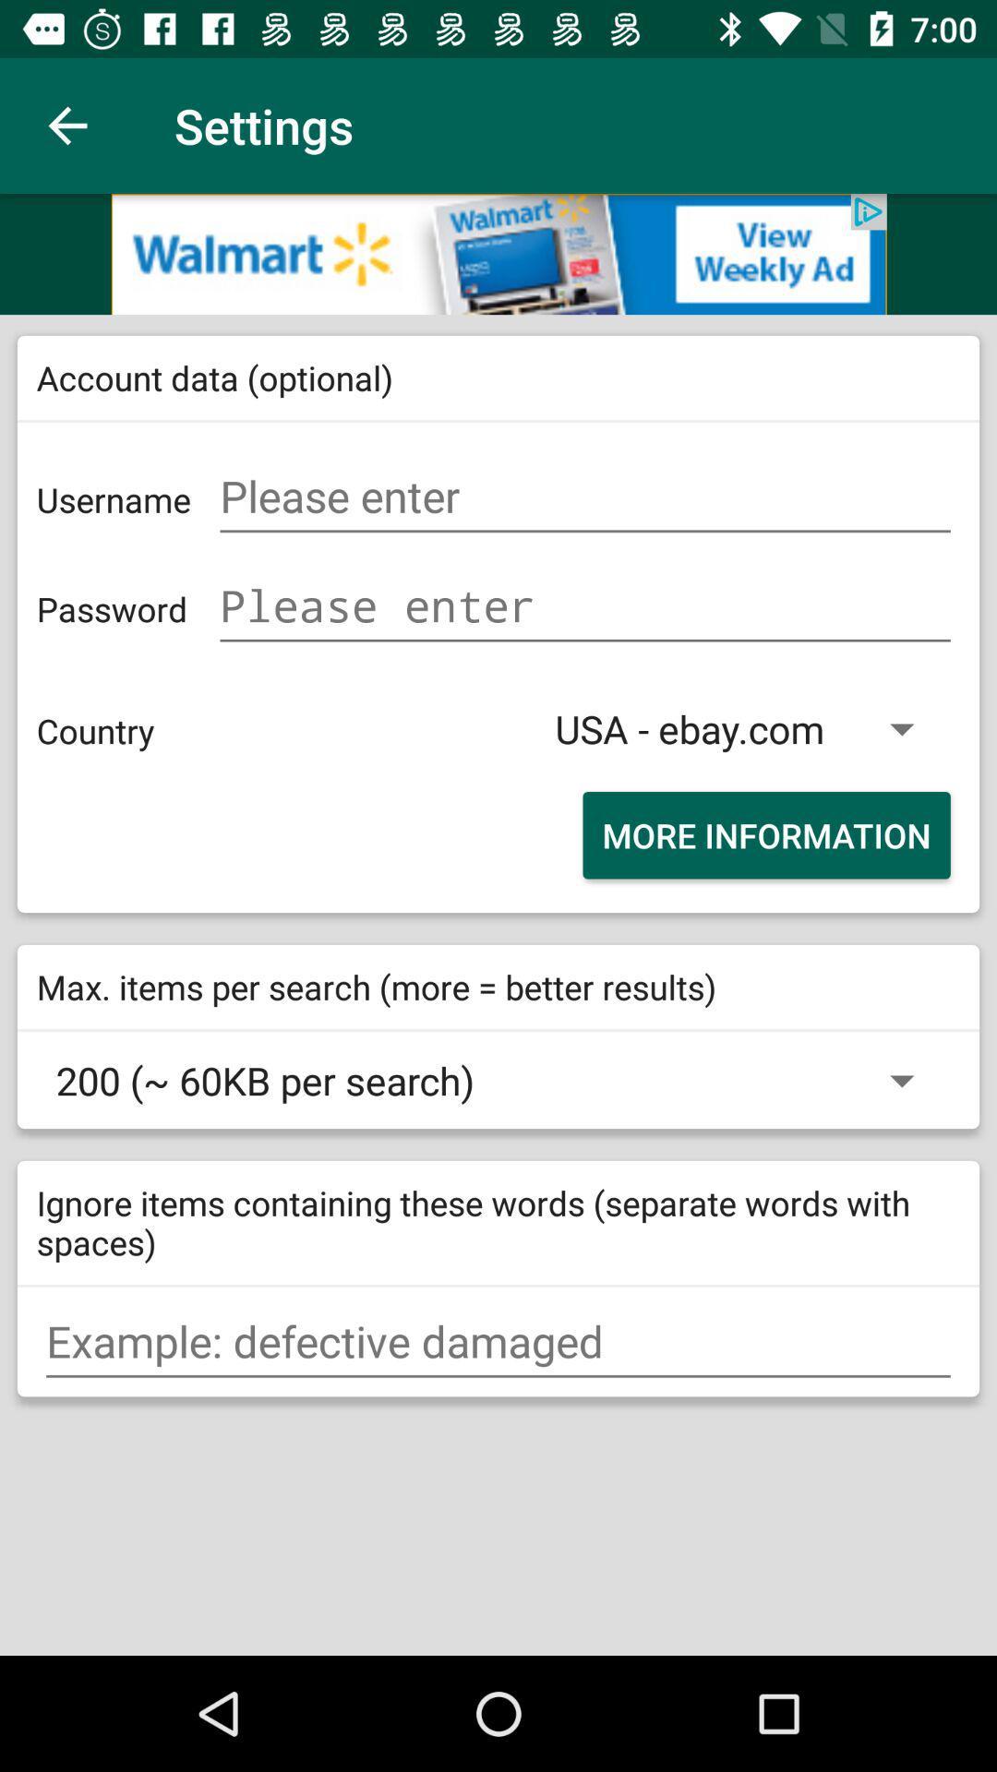 This screenshot has height=1772, width=997. Describe the element at coordinates (498, 1342) in the screenshot. I see `example` at that location.